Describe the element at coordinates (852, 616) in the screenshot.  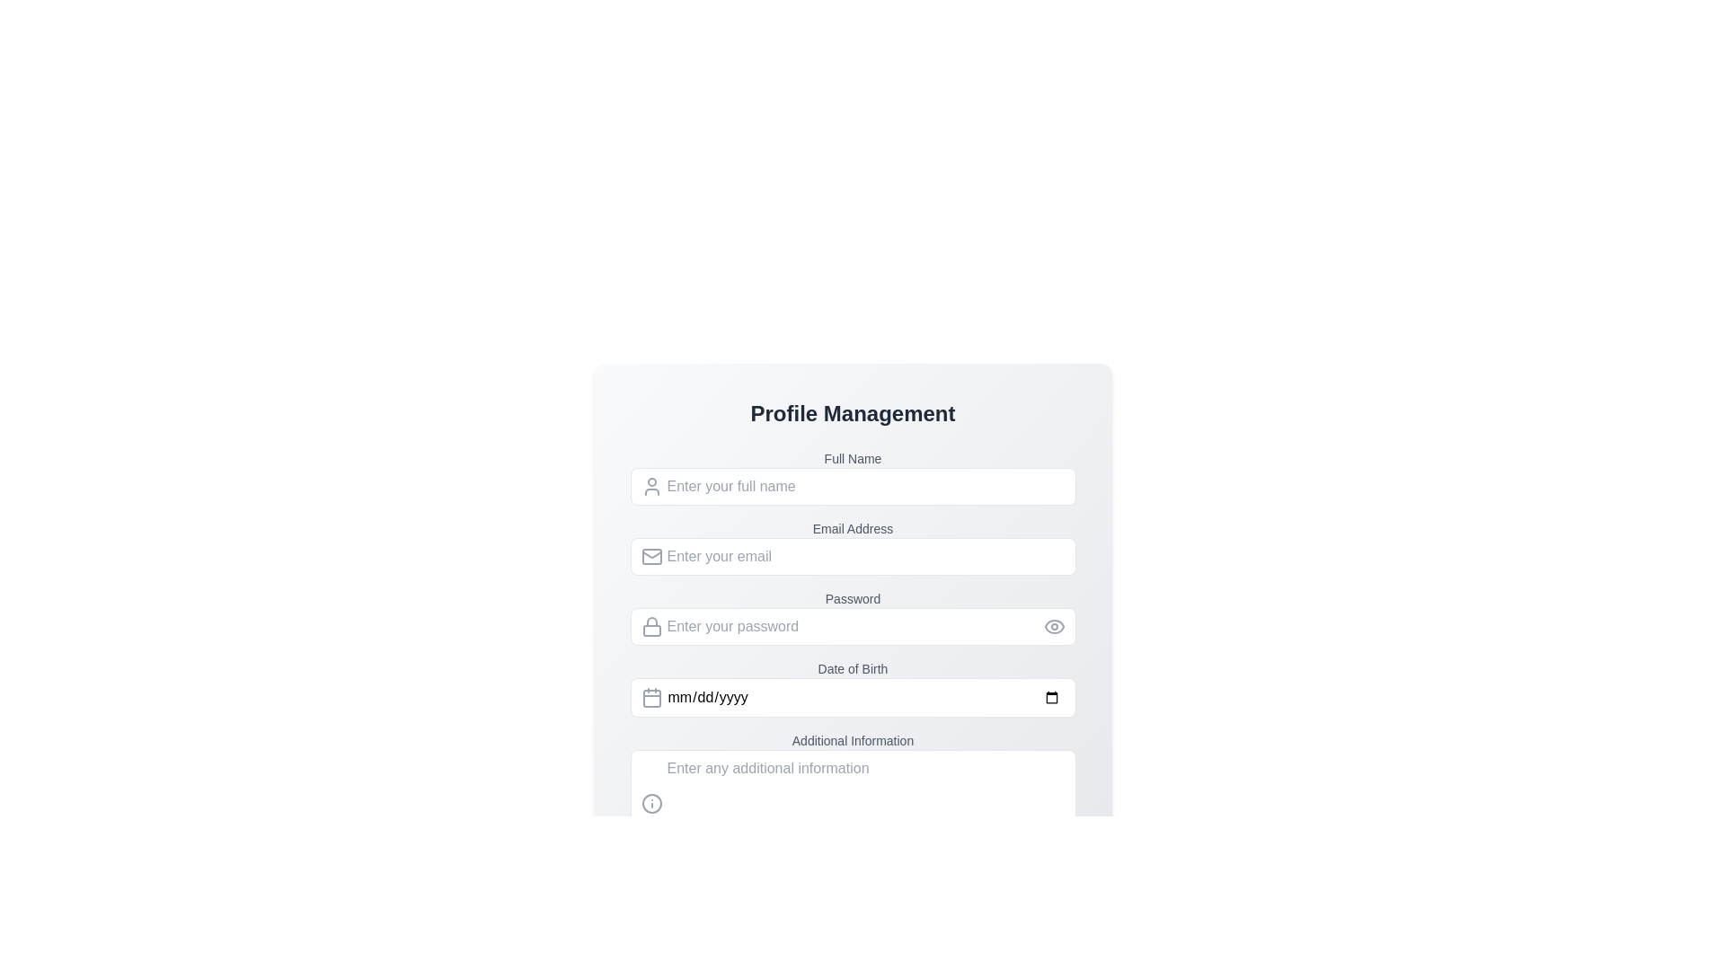
I see `to focus on the password input field, which is the third input field in a vertical sequence within a form, located directly underneath the 'Email Address' input field and above the 'Date of Birth' input field` at that location.